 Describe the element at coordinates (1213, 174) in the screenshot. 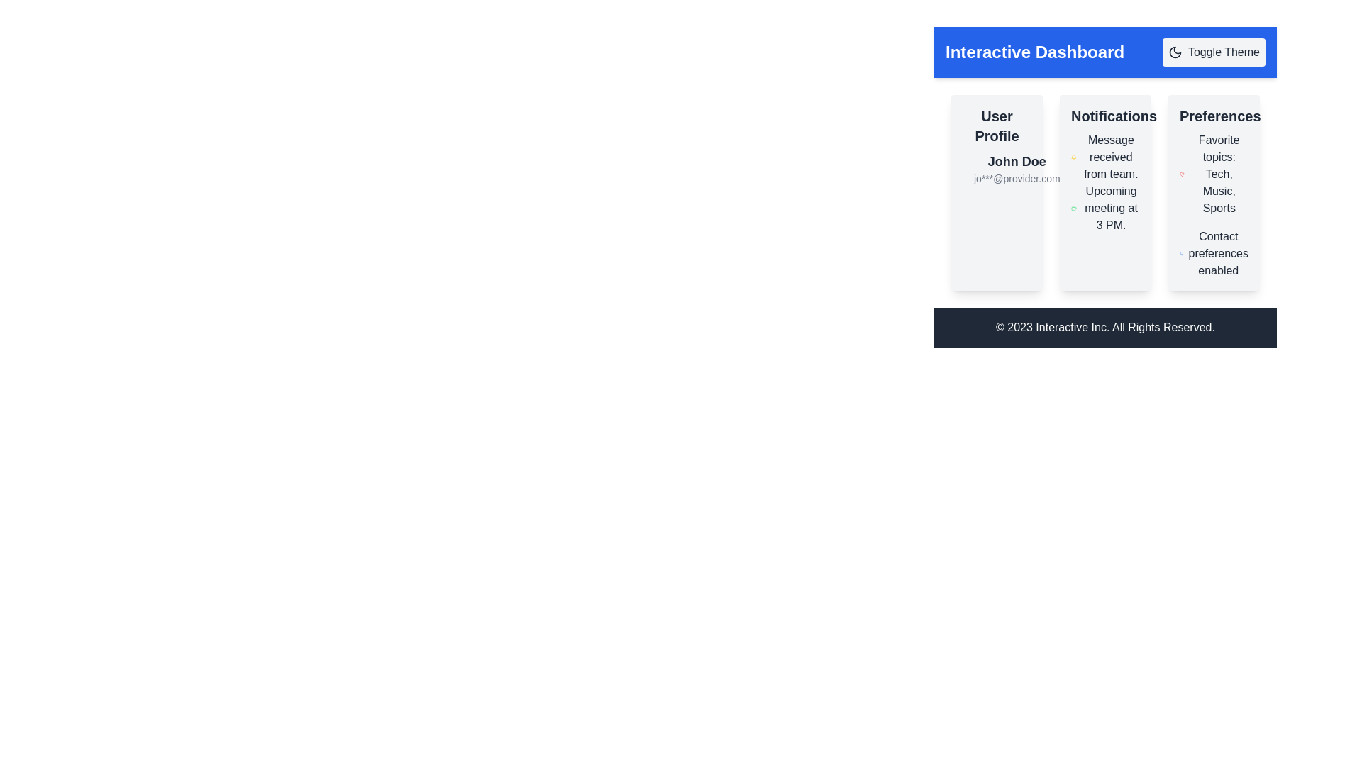

I see `the text label displaying 'Favorite topics: Tech, Music, Sports' with an accompanying red heart icon, located in the third column labeled 'Preferences'` at that location.